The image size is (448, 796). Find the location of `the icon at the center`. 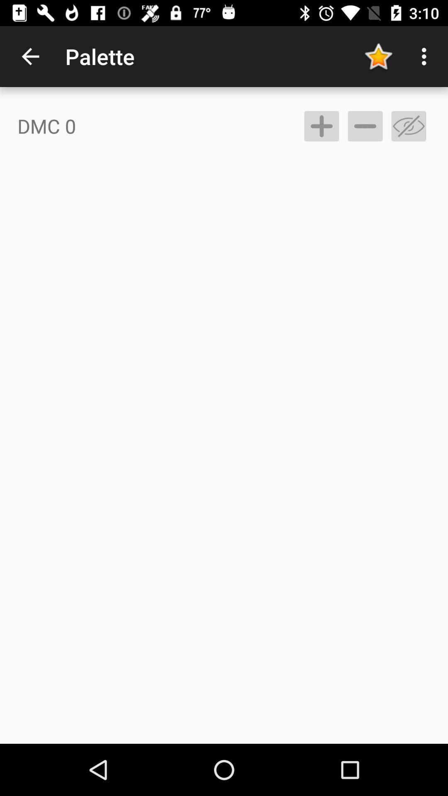

the icon at the center is located at coordinates (224, 437).